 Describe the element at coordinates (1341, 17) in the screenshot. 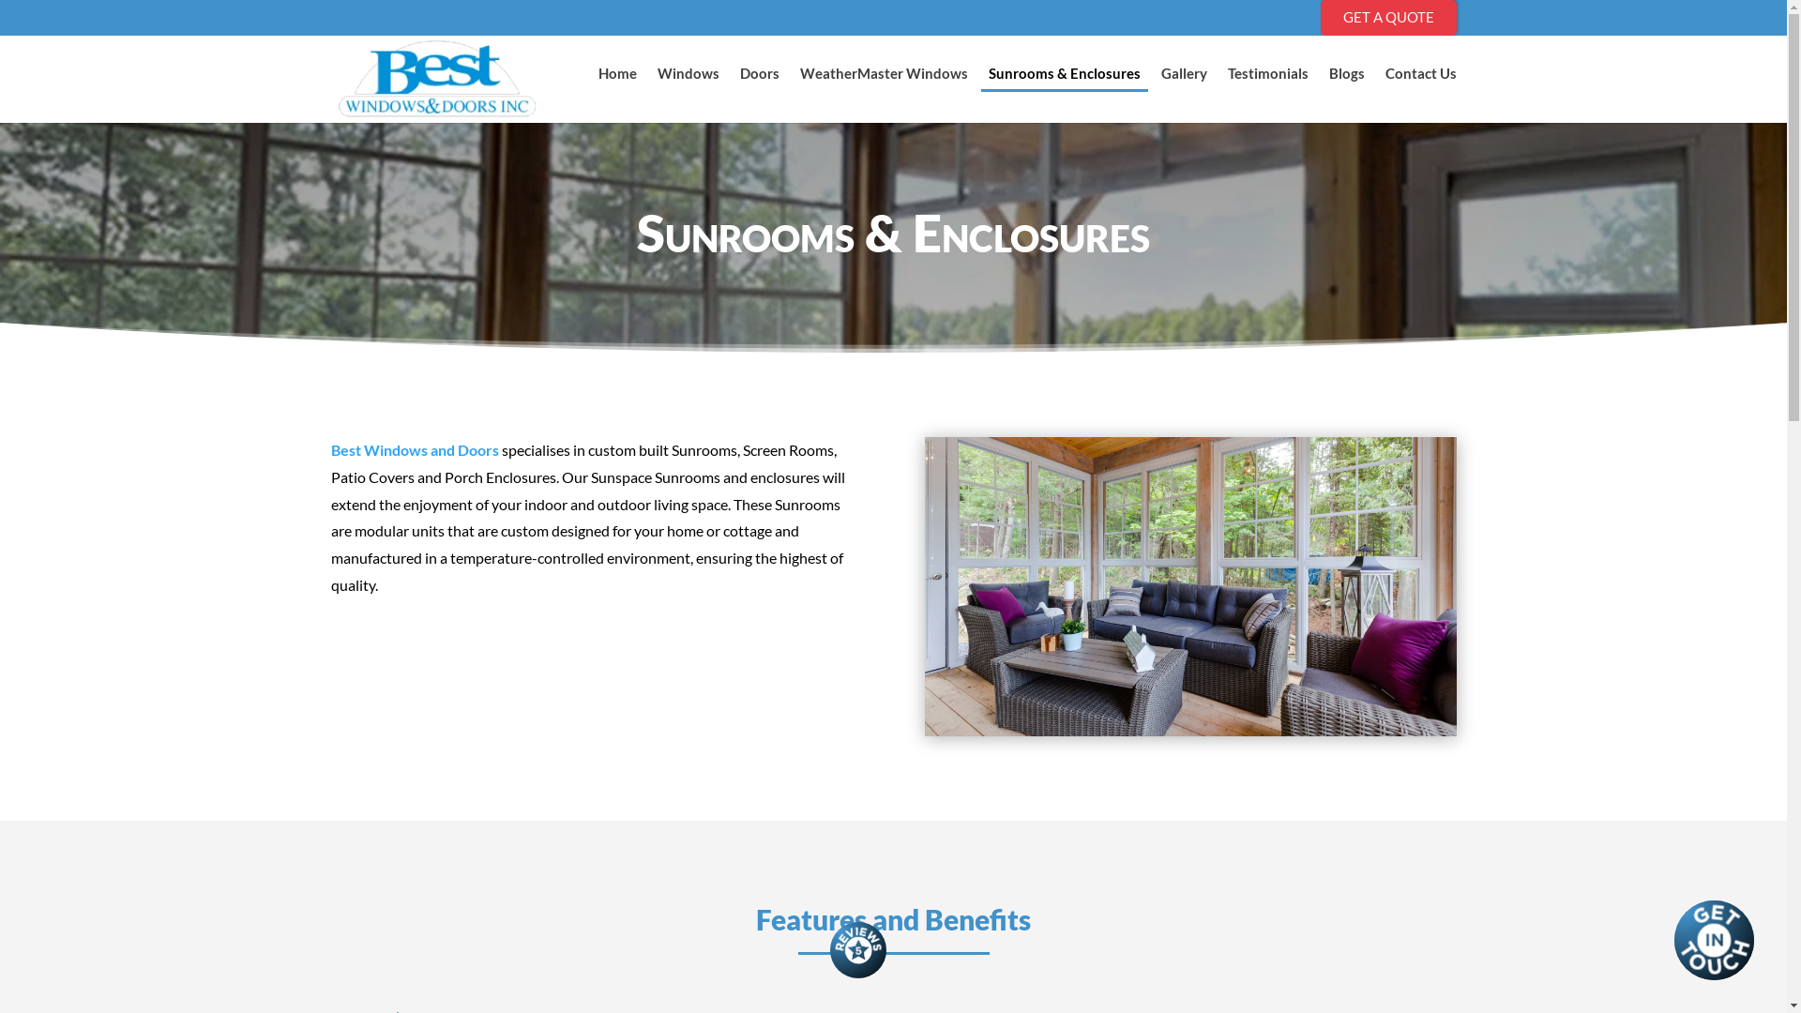

I see `'GET A QUOTE'` at that location.